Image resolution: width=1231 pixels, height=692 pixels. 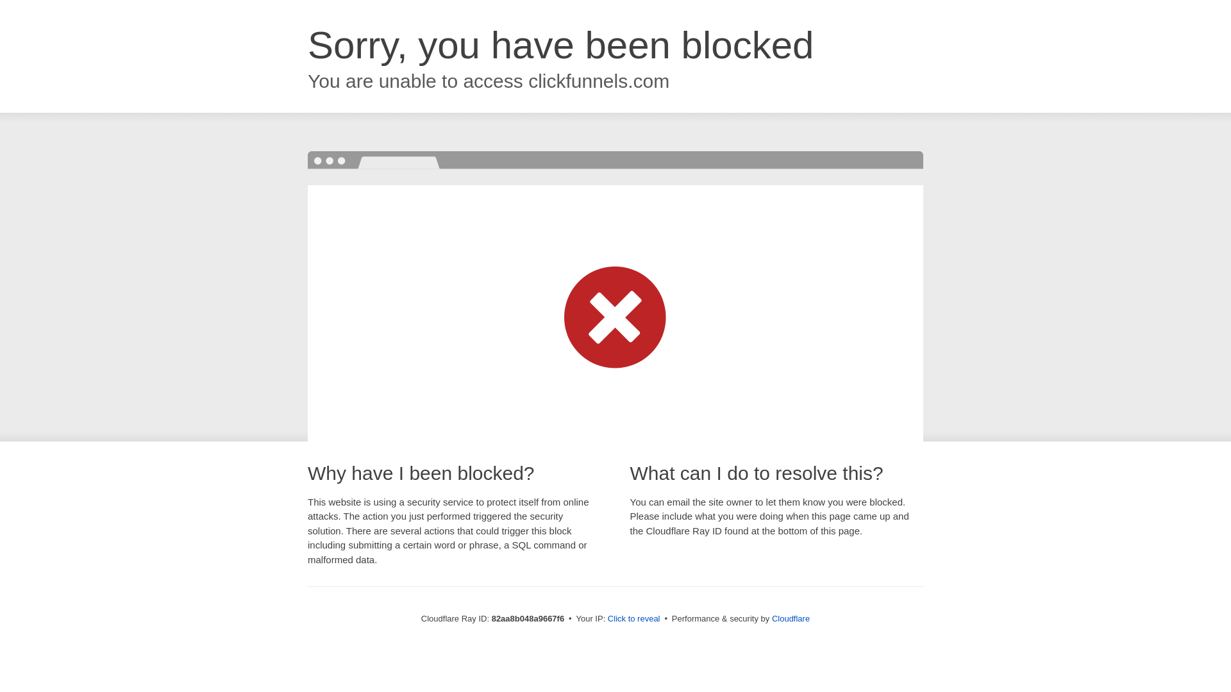 I want to click on 'Click to reveal', so click(x=633, y=618).